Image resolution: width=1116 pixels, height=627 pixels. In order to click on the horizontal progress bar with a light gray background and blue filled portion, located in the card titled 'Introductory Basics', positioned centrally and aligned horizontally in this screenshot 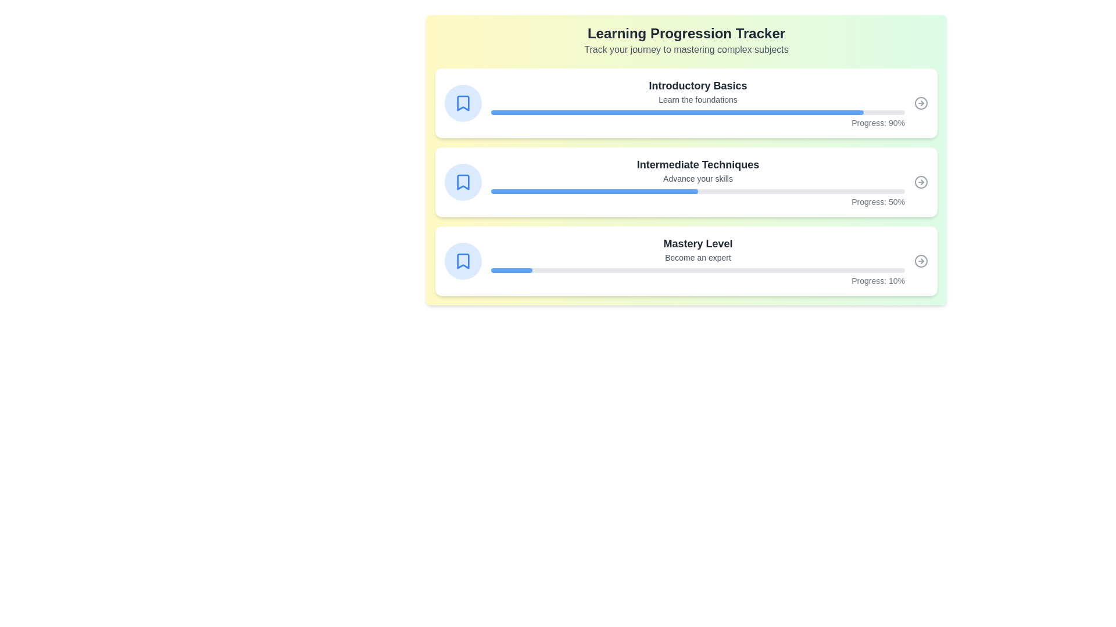, I will do `click(697, 112)`.